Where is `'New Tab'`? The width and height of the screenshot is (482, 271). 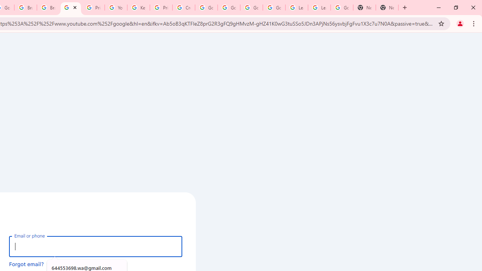
'New Tab' is located at coordinates (365, 8).